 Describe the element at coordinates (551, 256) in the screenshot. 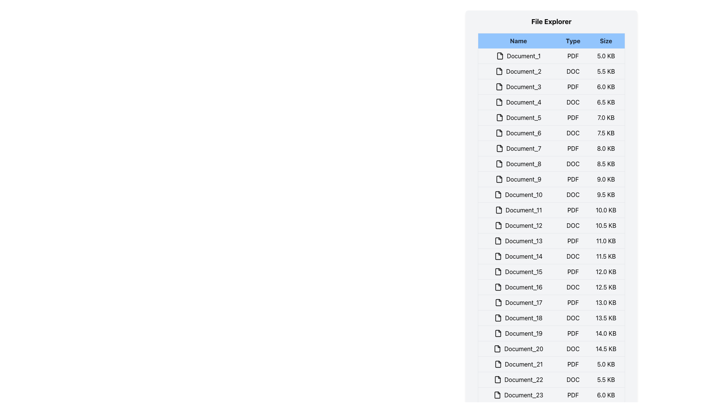

I see `the document name 'Document_14' in the file row entry` at that location.